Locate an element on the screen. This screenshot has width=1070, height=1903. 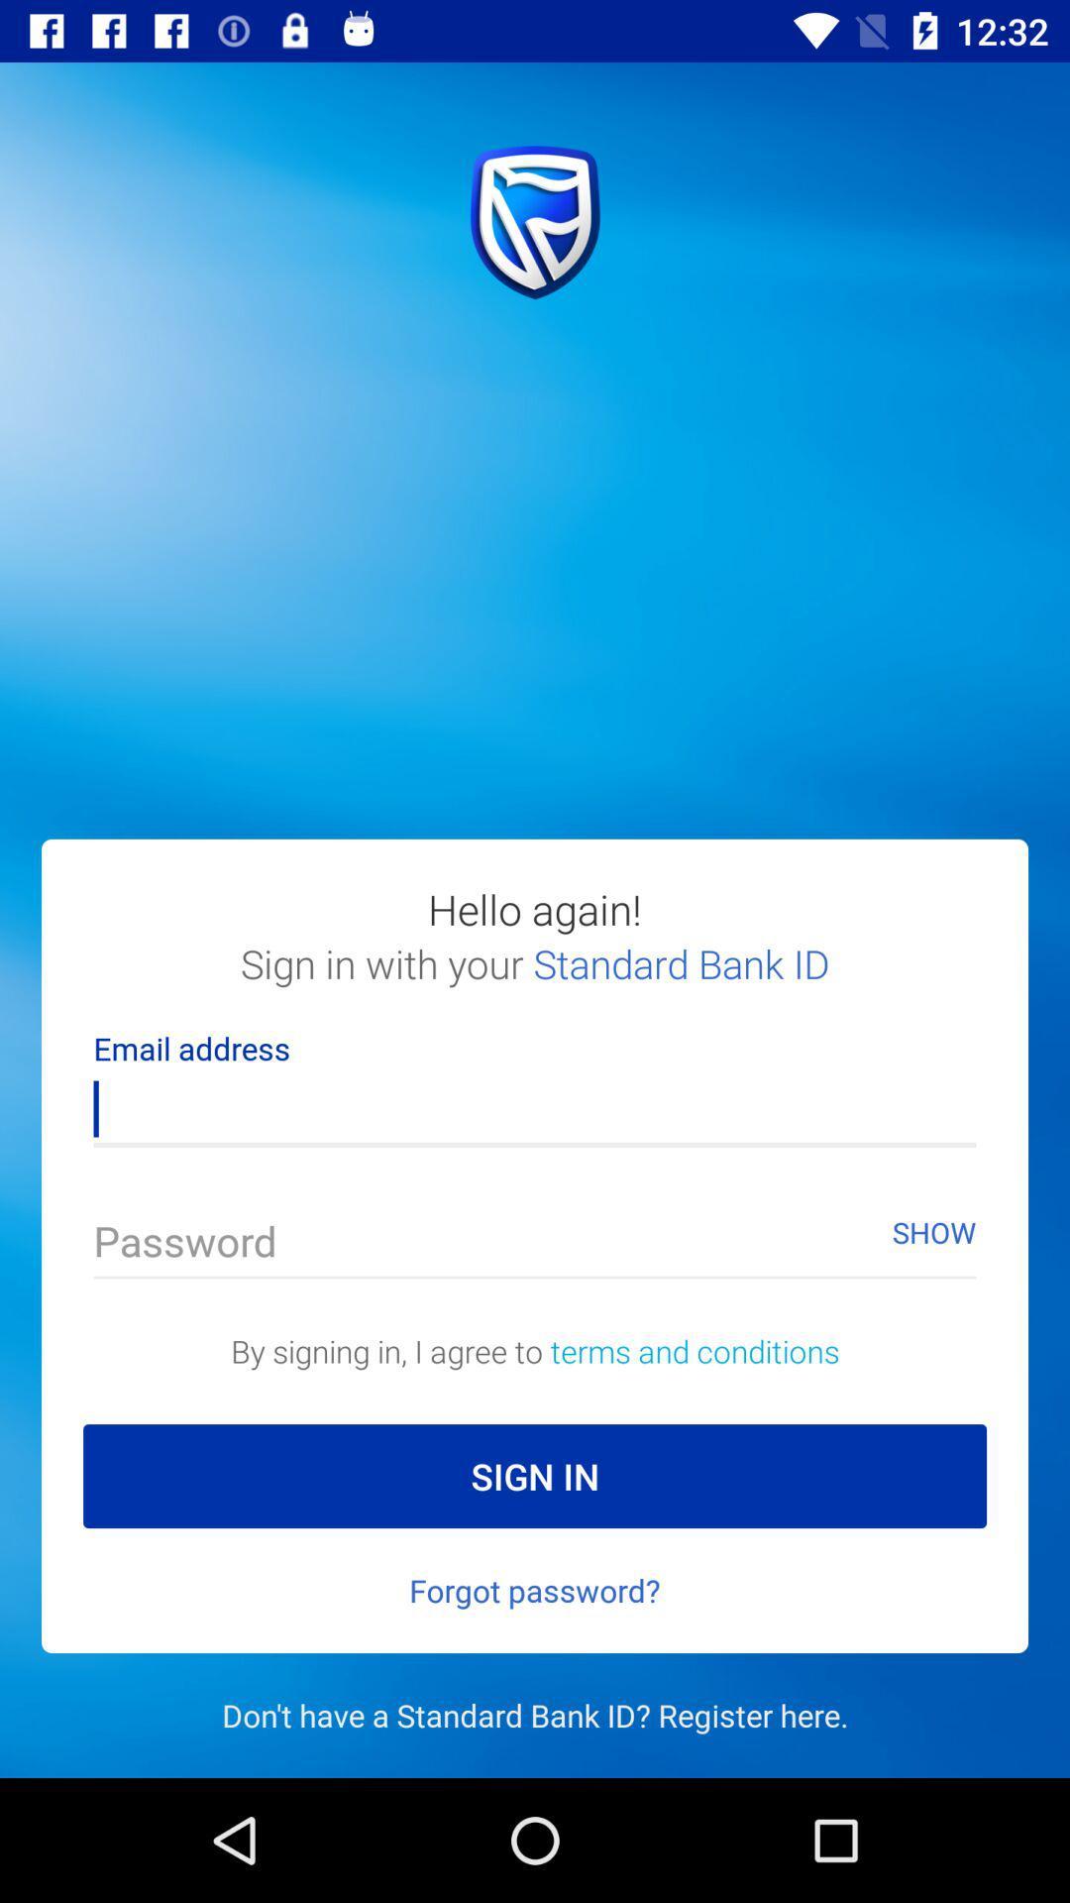
password field is located at coordinates (535, 1245).